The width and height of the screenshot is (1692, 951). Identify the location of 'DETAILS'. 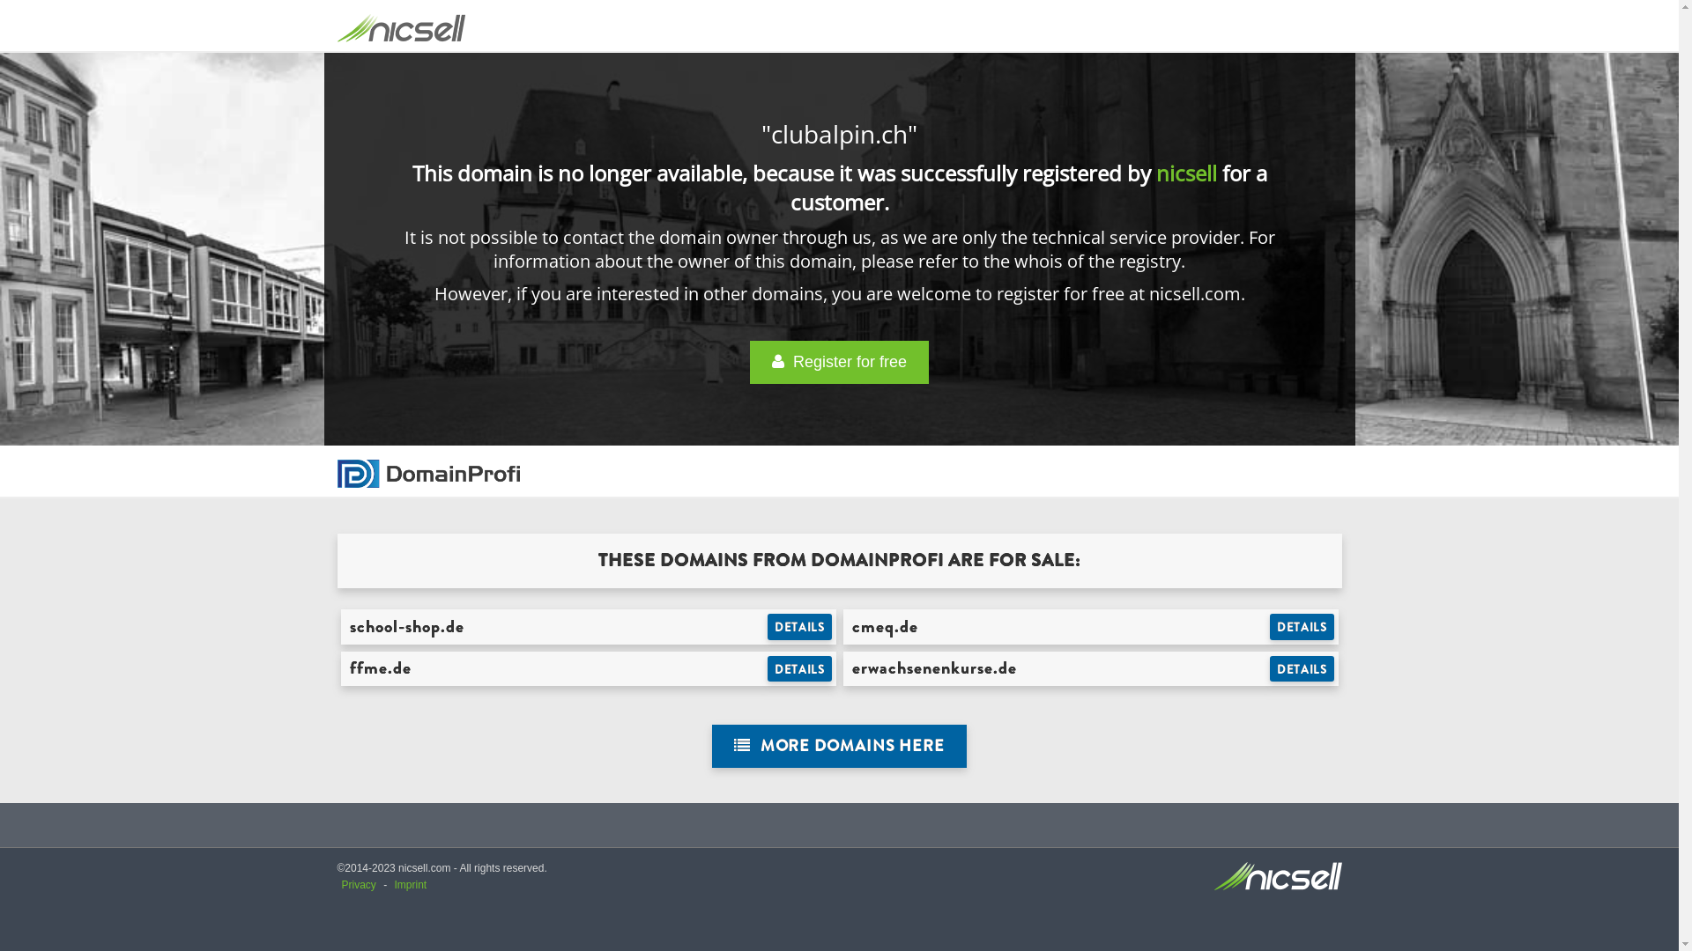
(1302, 626).